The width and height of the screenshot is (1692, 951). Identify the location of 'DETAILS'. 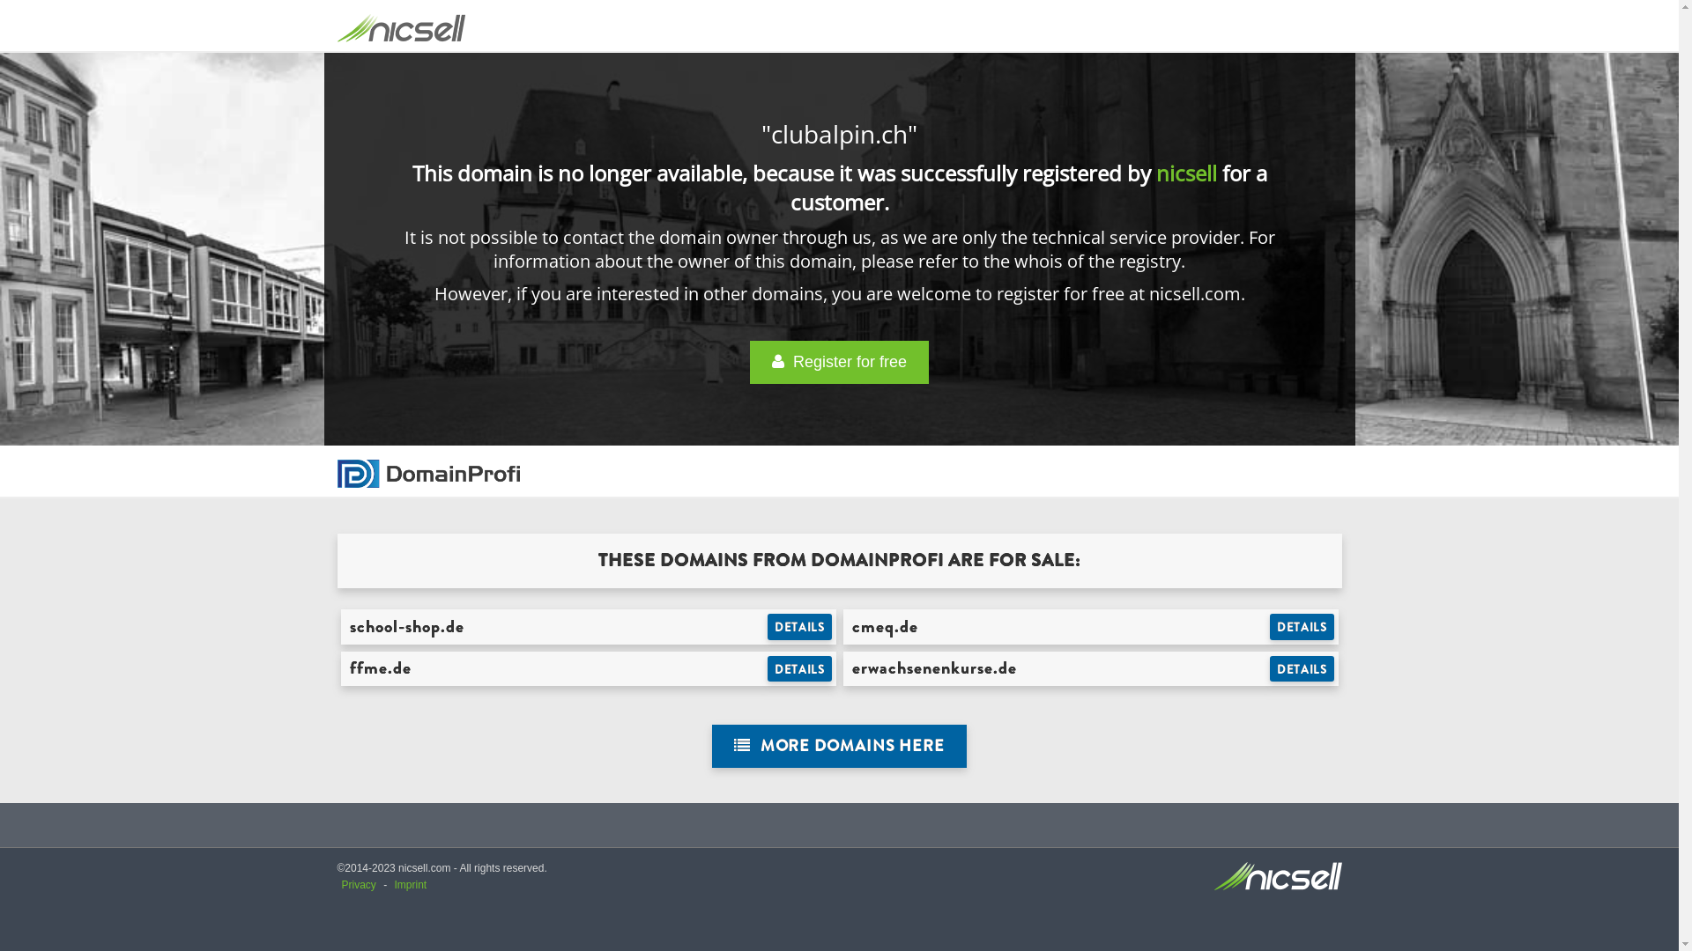
(1302, 626).